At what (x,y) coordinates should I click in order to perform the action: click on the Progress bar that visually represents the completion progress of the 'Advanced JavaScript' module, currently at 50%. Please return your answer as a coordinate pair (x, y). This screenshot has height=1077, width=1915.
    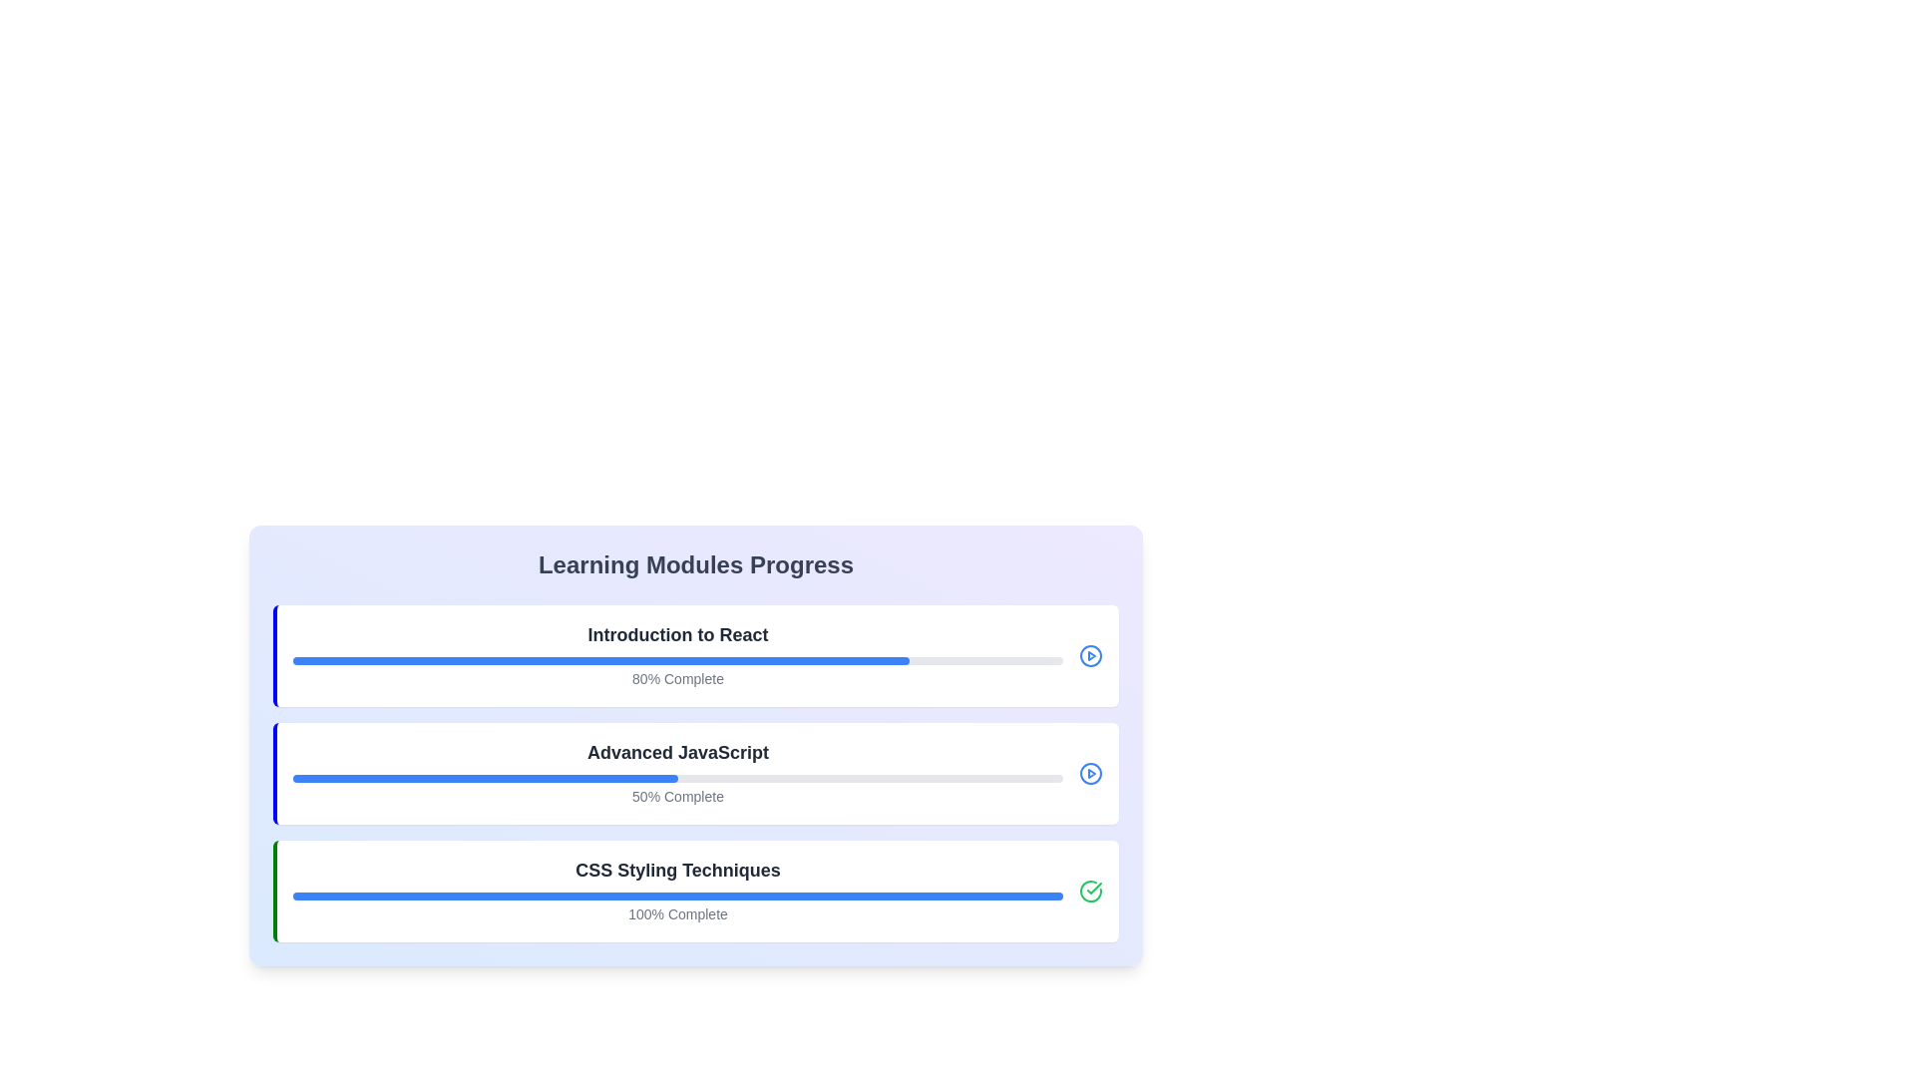
    Looking at the image, I should click on (678, 777).